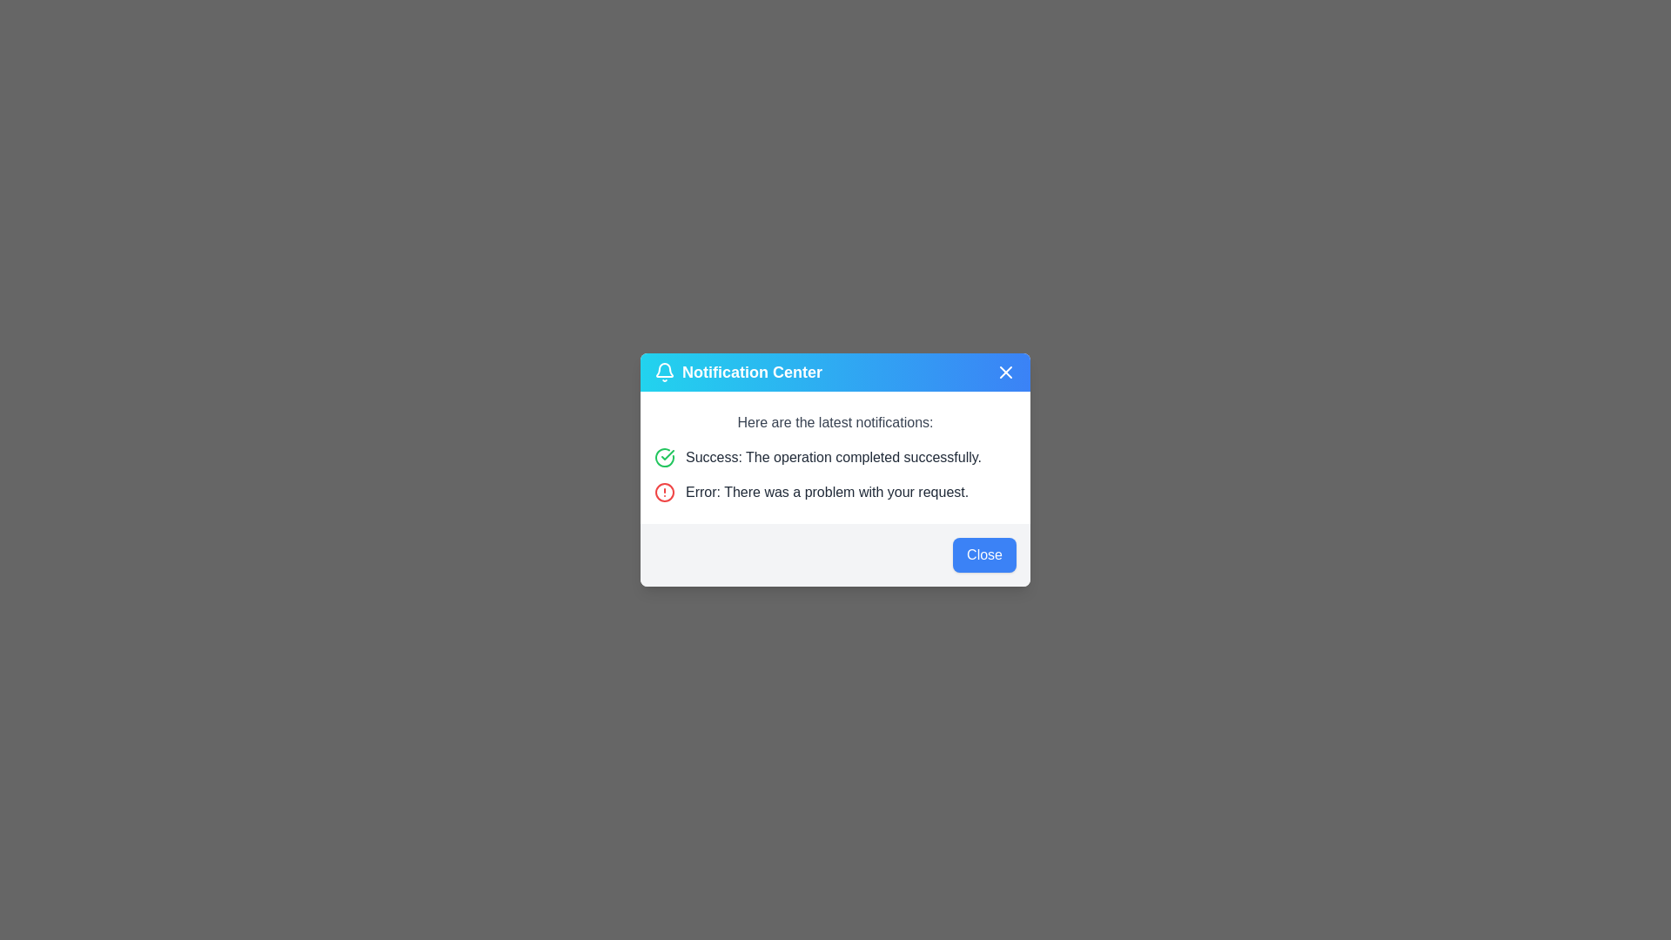 This screenshot has width=1671, height=940. What do you see at coordinates (1006, 372) in the screenshot?
I see `the close button located in the top-right corner of the notification panel, which dismisses notifications` at bounding box center [1006, 372].